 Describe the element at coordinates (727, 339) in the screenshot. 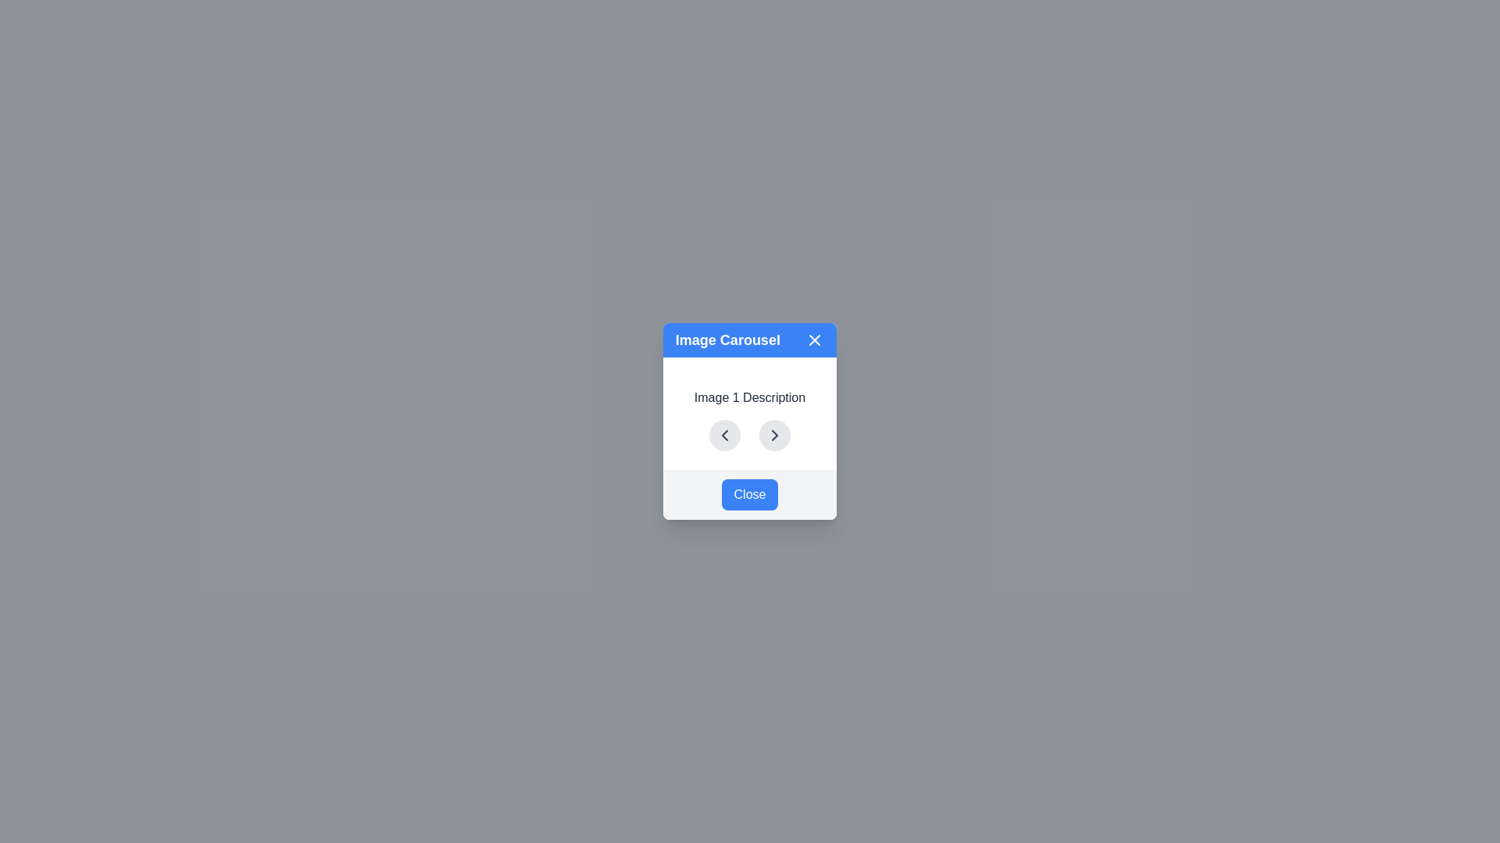

I see `the static text label serving as the title for the modal, located in the header section on the left side of the close button` at that location.